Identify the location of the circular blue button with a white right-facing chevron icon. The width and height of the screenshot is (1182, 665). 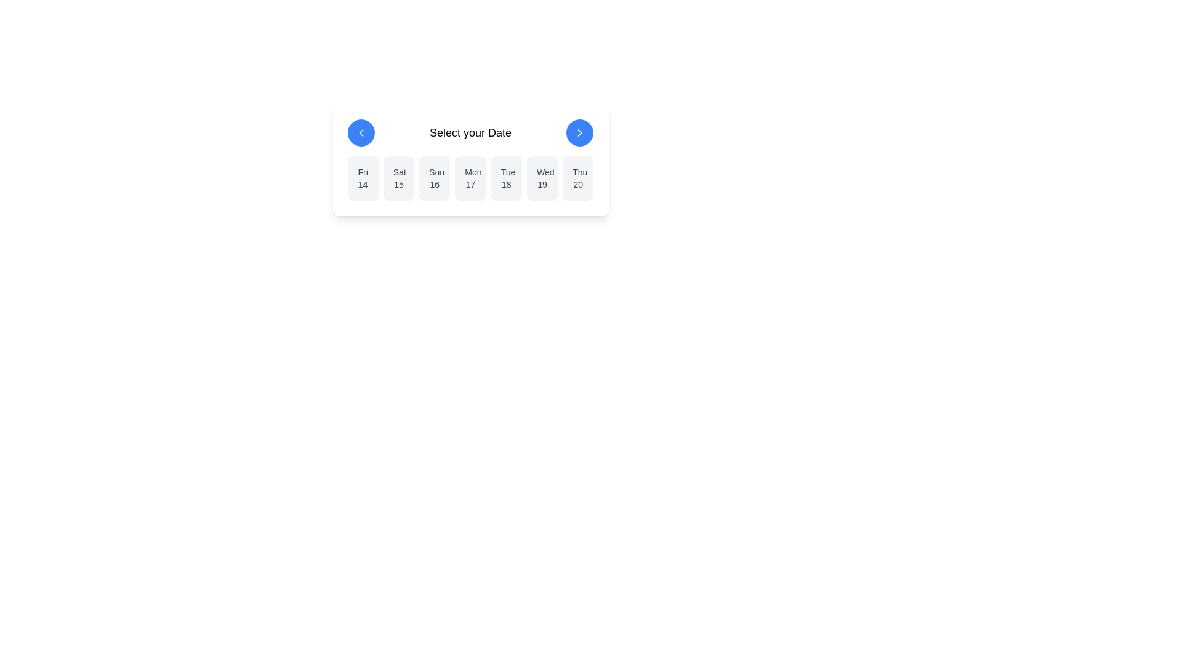
(579, 133).